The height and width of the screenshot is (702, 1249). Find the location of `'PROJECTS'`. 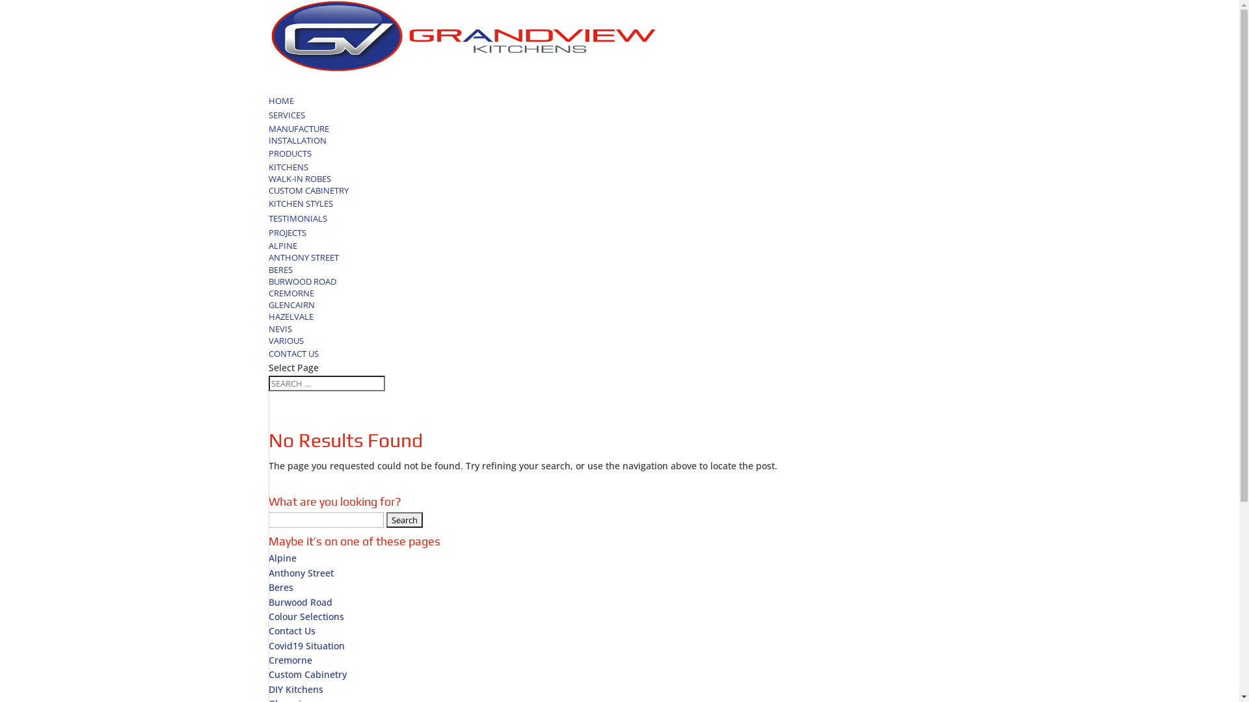

'PROJECTS' is located at coordinates (267, 240).